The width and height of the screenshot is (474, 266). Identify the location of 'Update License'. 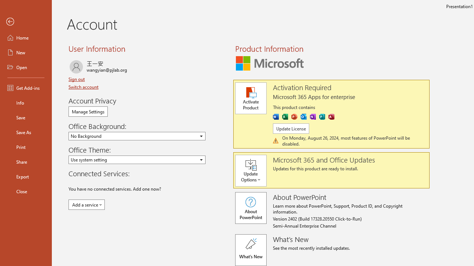
(290, 128).